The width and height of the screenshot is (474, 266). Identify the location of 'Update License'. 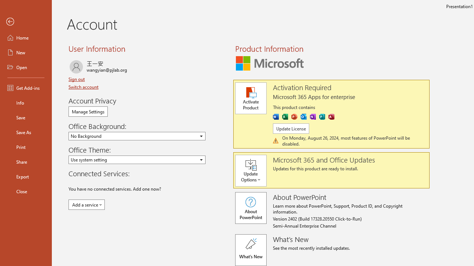
(290, 128).